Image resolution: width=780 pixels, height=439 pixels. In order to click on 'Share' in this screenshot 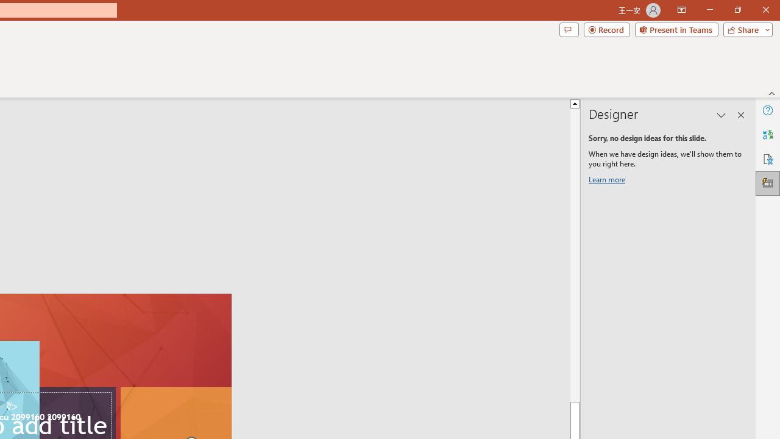, I will do `click(745, 29)`.